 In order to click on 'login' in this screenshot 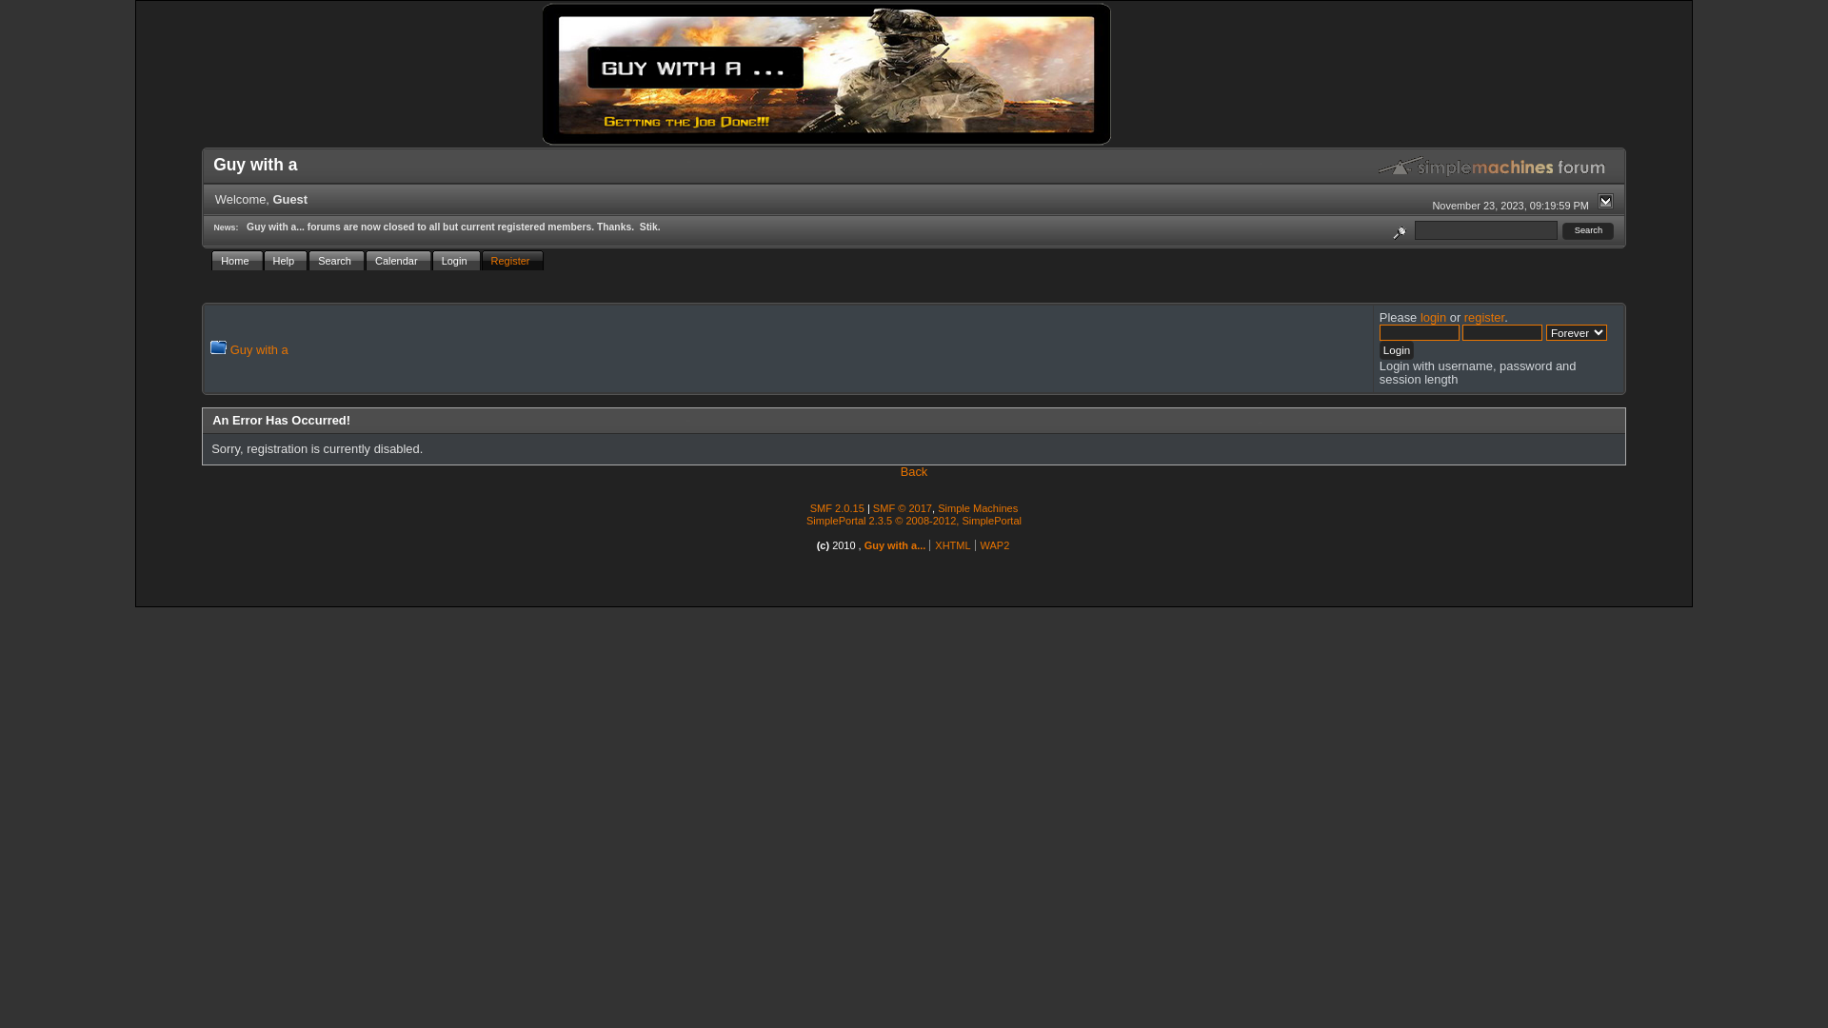, I will do `click(1433, 316)`.